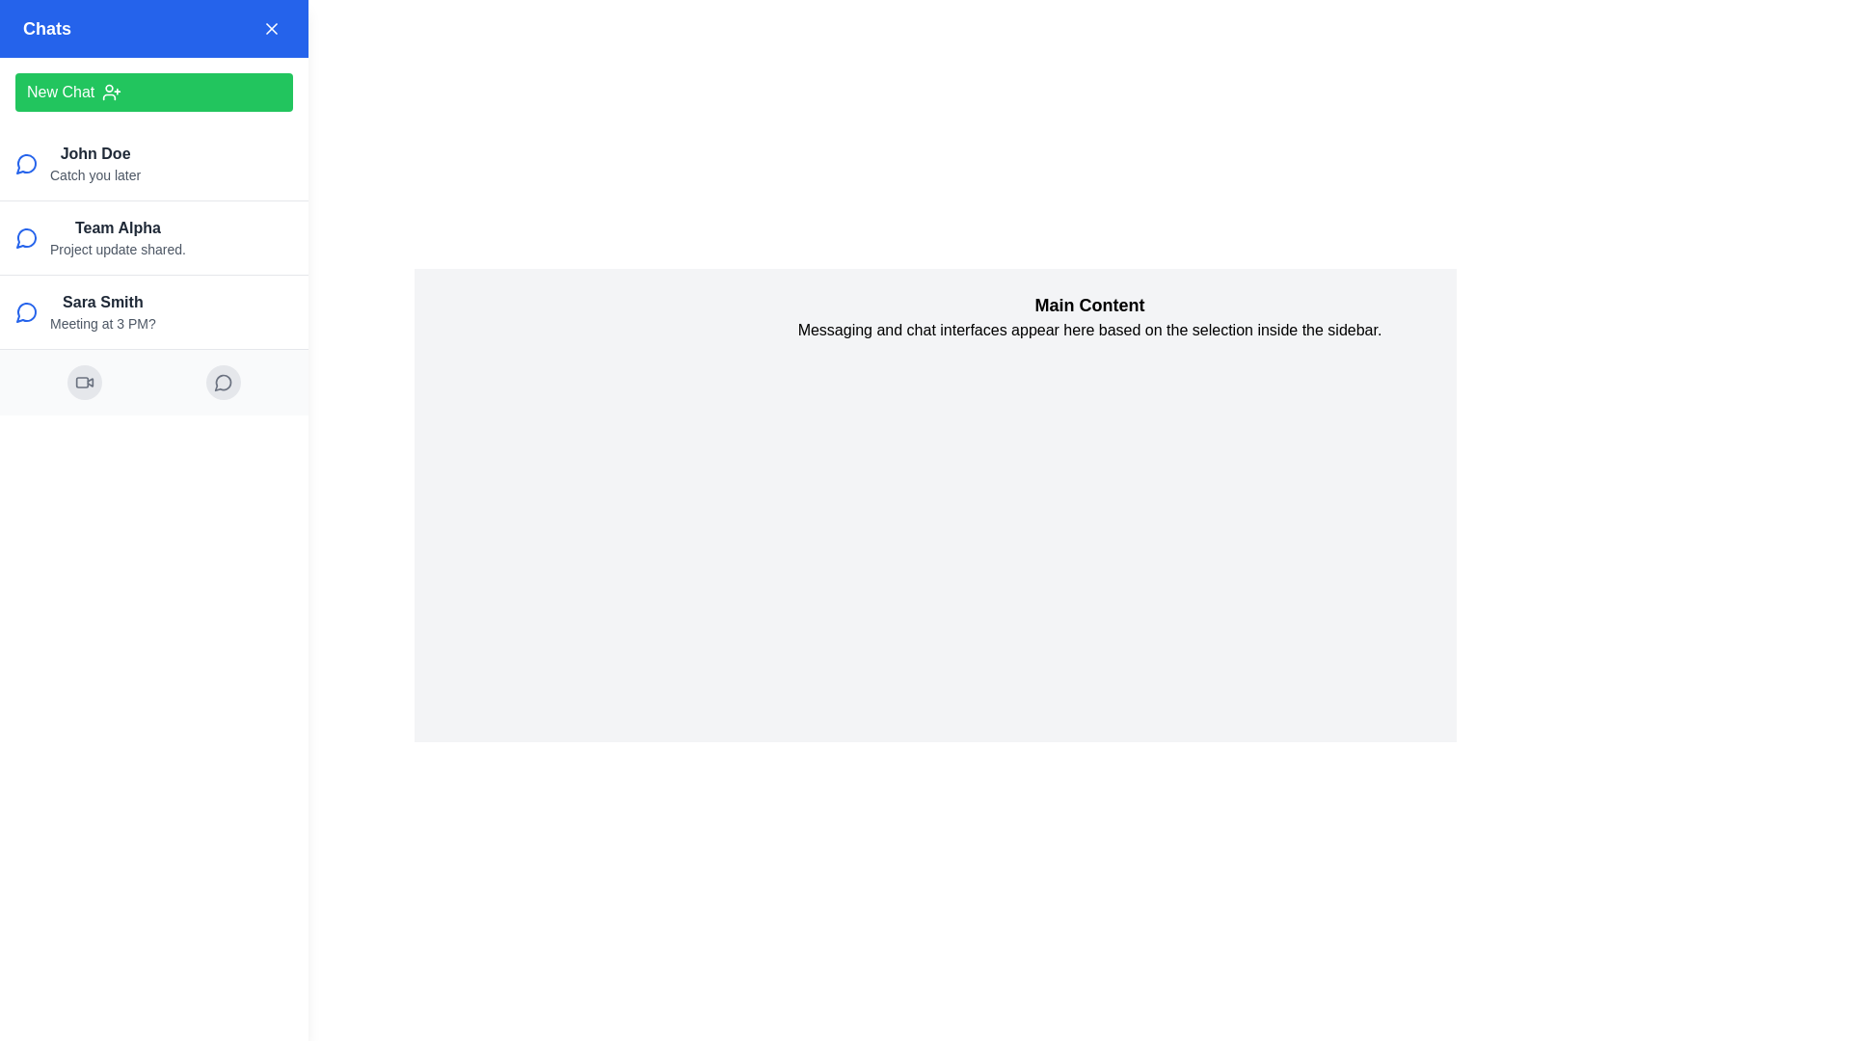 Image resolution: width=1851 pixels, height=1041 pixels. Describe the element at coordinates (223, 383) in the screenshot. I see `the SVG Icon button located at the bottom of the sidebar, specifically the second button from the left in the row of circular buttons` at that location.